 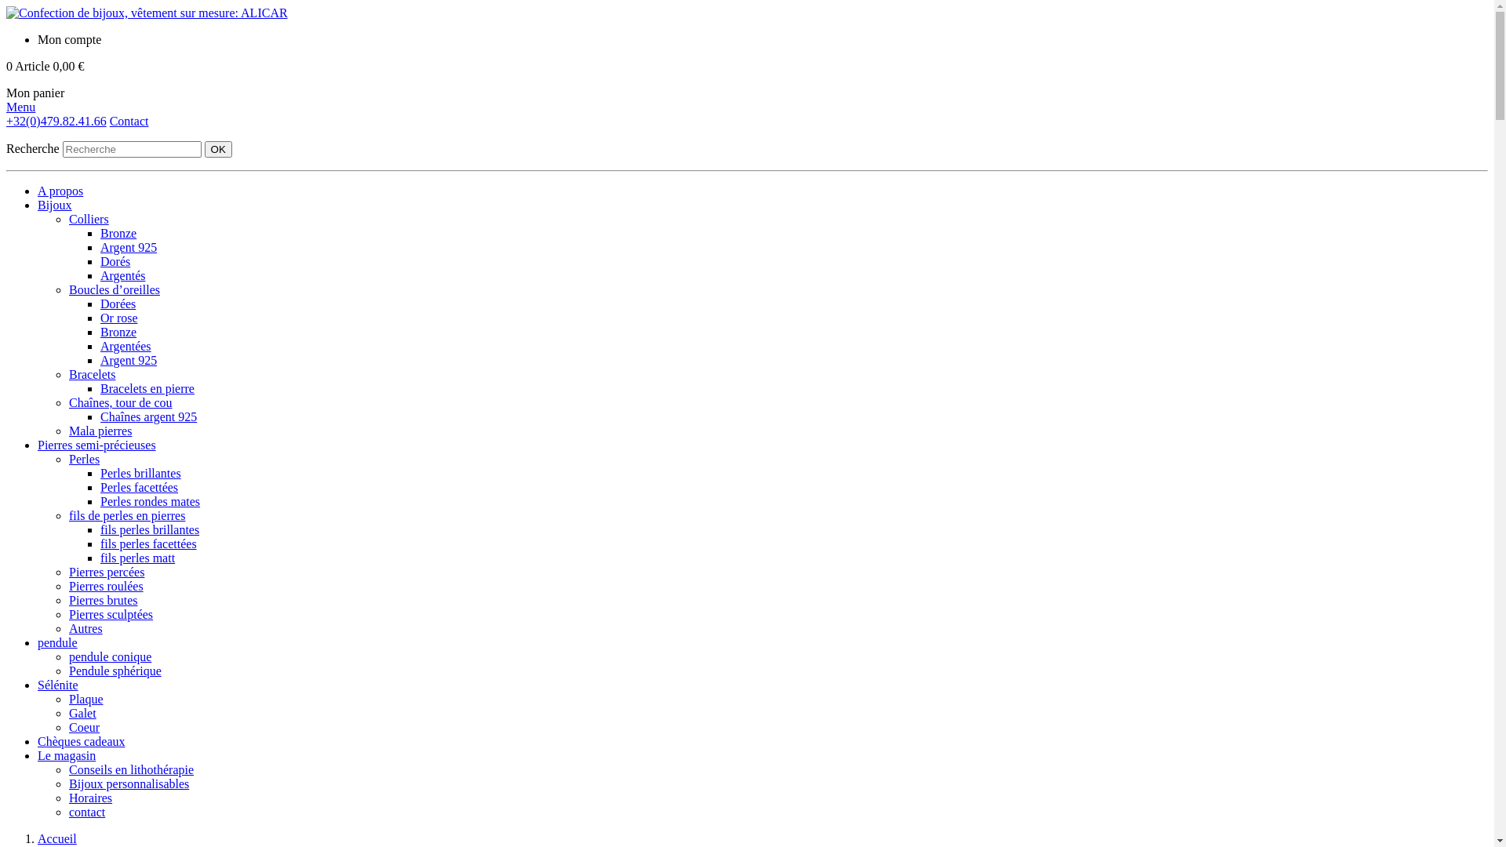 I want to click on 'A propos', so click(x=38, y=190).